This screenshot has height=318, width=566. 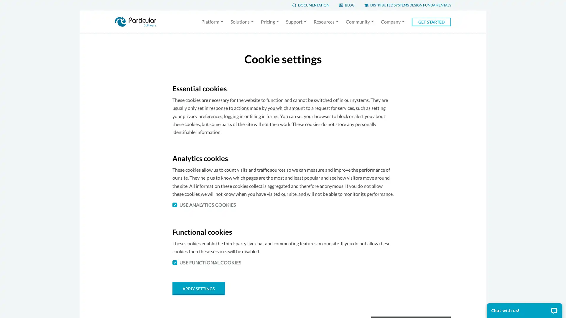 What do you see at coordinates (198, 288) in the screenshot?
I see `APPLY SETTINGS` at bounding box center [198, 288].